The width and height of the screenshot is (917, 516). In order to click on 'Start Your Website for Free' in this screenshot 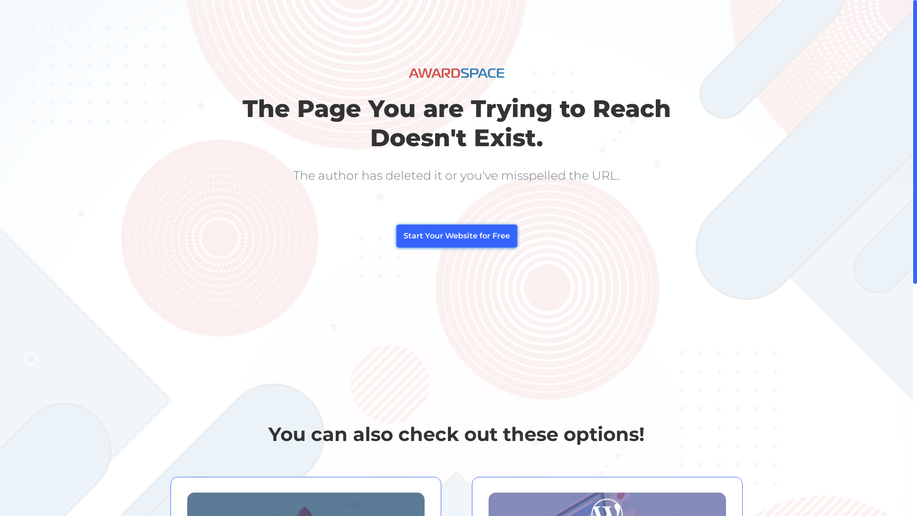, I will do `click(456, 236)`.